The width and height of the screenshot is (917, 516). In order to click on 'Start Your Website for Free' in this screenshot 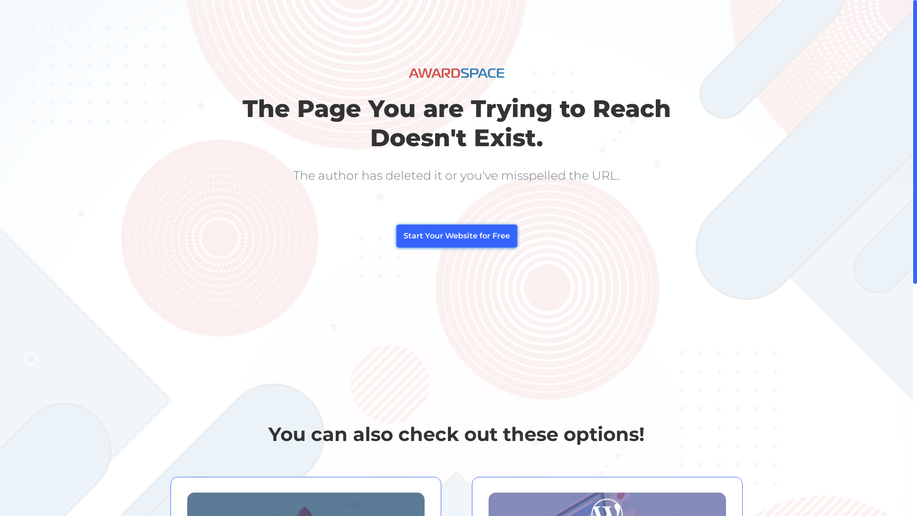, I will do `click(456, 236)`.